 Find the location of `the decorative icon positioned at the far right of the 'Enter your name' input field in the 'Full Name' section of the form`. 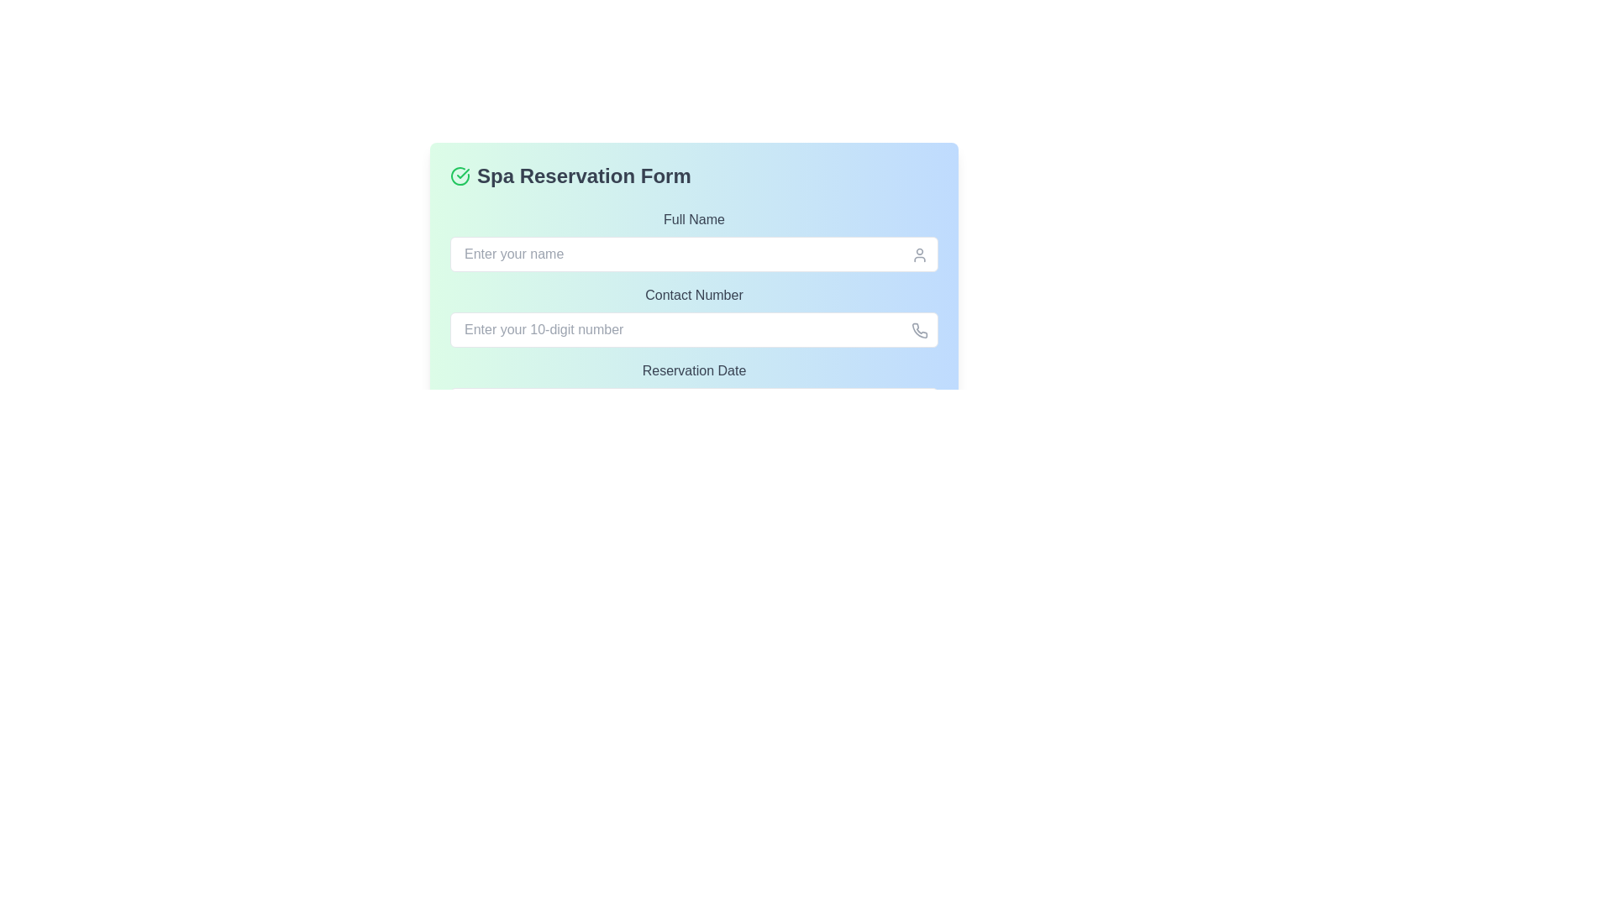

the decorative icon positioned at the far right of the 'Enter your name' input field in the 'Full Name' section of the form is located at coordinates (918, 255).